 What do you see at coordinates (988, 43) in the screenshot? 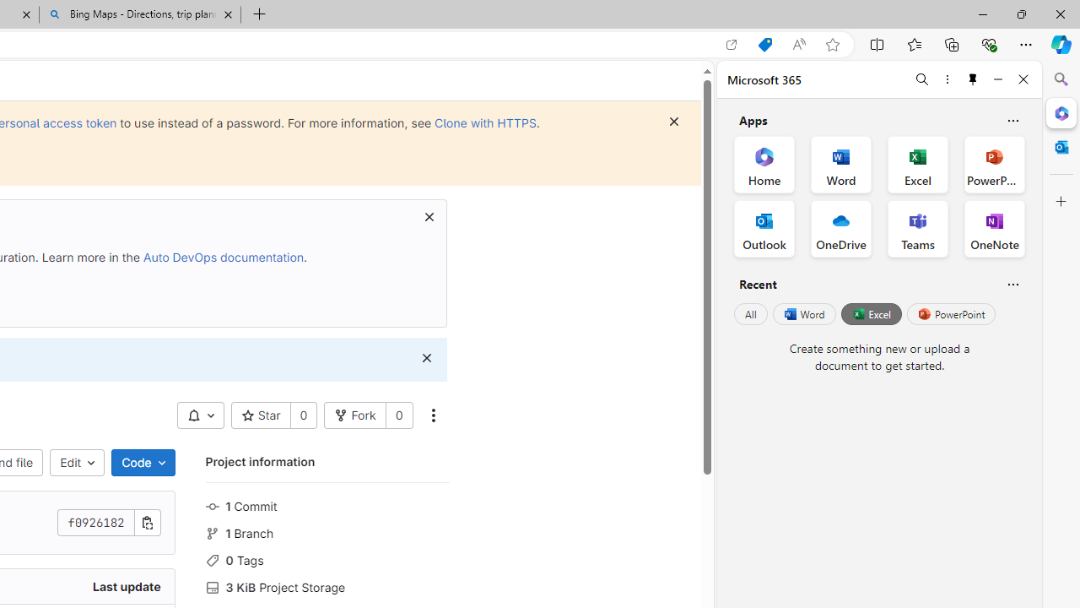
I see `'Browser essentials'` at bounding box center [988, 43].